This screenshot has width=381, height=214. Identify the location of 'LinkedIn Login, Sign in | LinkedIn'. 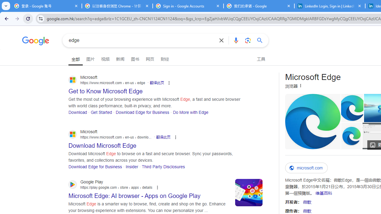
(330, 6).